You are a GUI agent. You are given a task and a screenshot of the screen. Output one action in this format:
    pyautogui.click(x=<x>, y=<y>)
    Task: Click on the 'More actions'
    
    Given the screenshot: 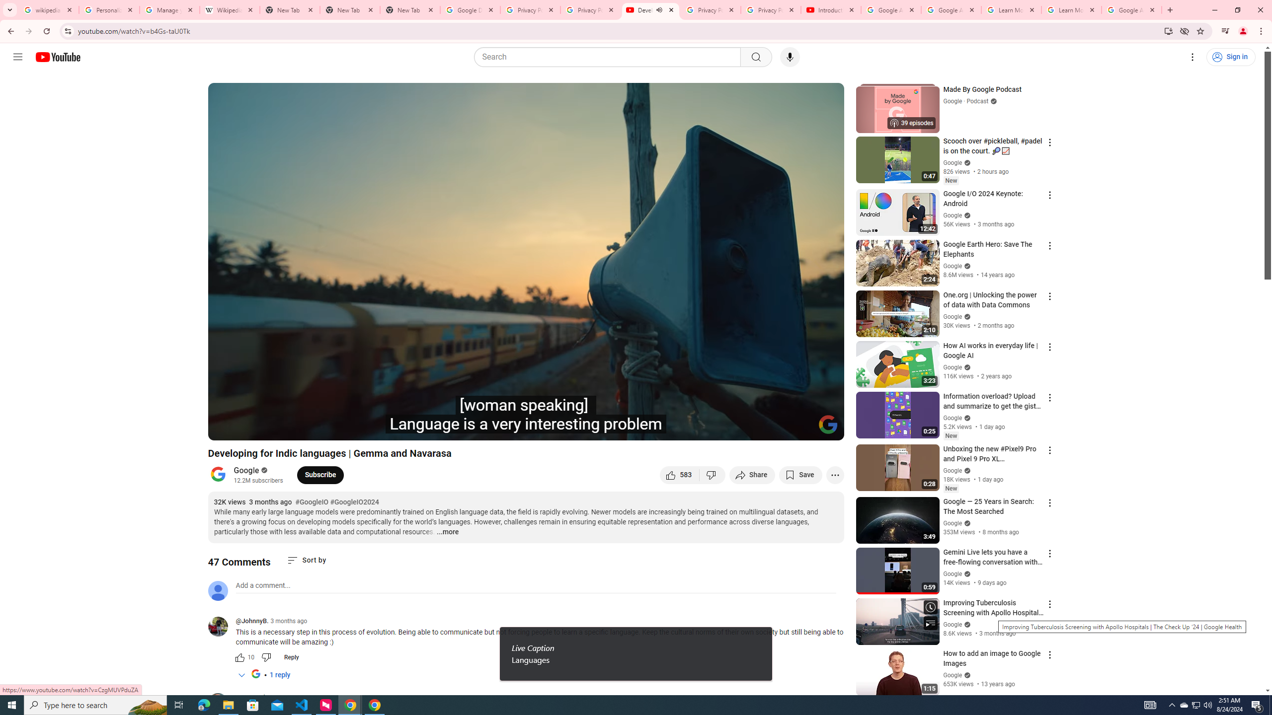 What is the action you would take?
    pyautogui.click(x=834, y=474)
    